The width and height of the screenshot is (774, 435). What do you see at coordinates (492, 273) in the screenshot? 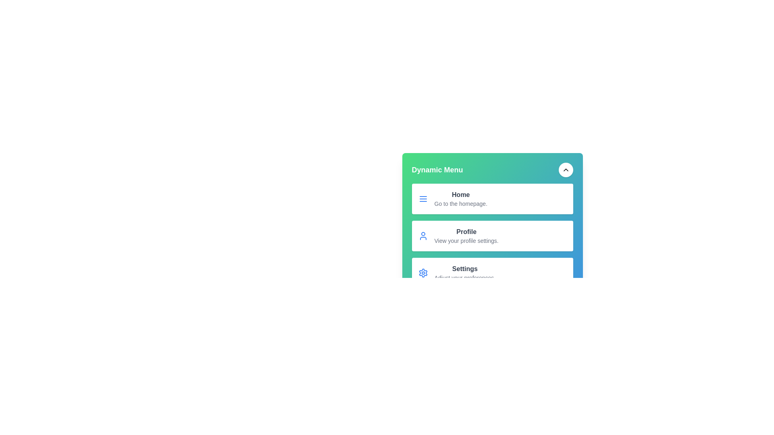
I see `the Menu item card labeled 'Settings' which is the third card` at bounding box center [492, 273].